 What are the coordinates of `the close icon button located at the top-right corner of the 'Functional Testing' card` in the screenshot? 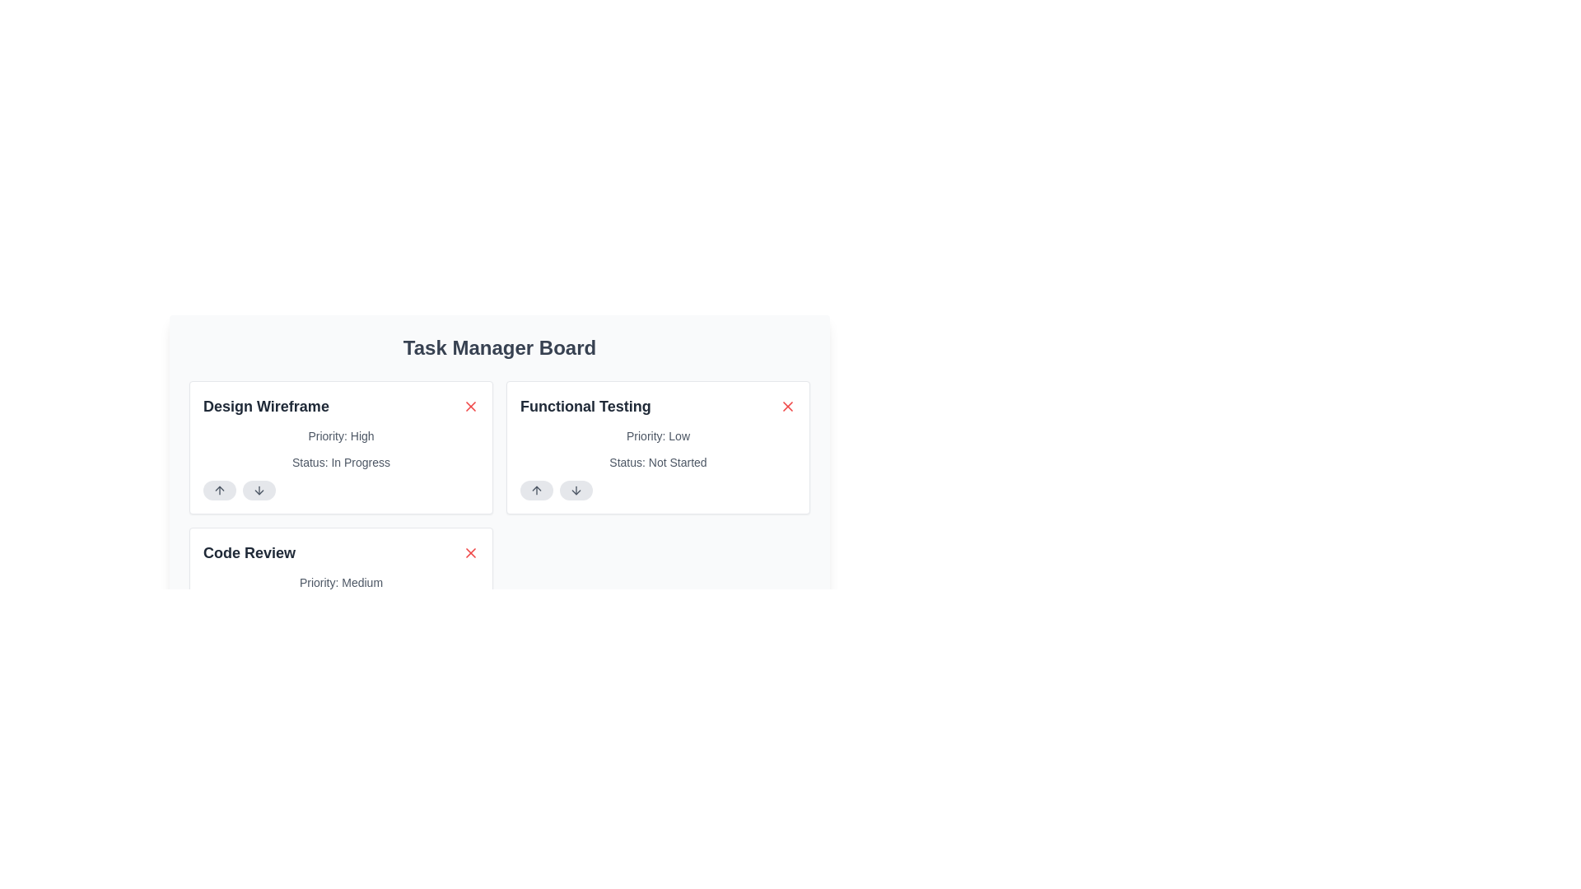 It's located at (786, 406).